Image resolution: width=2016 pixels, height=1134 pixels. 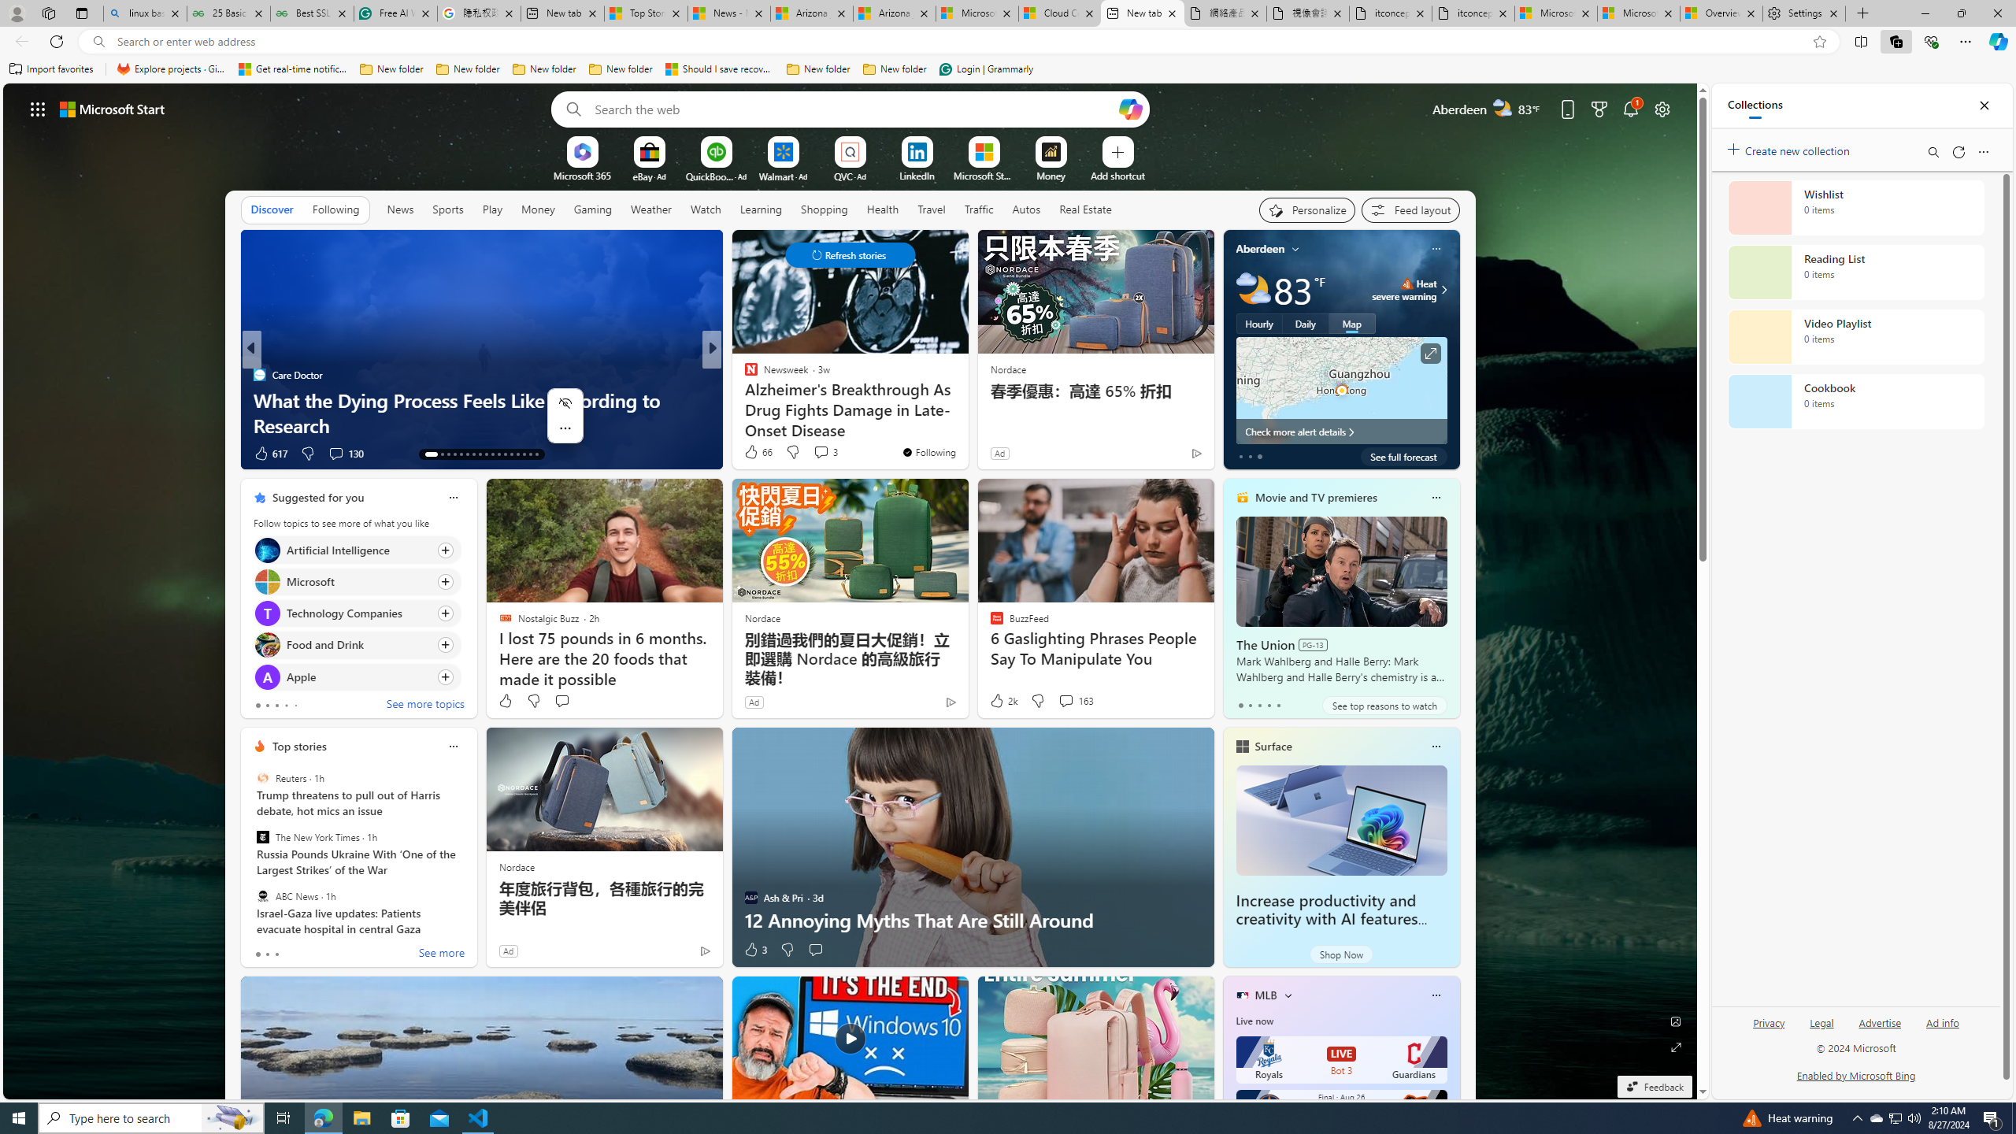 What do you see at coordinates (144, 13) in the screenshot?
I see `'linux basic - Search'` at bounding box center [144, 13].